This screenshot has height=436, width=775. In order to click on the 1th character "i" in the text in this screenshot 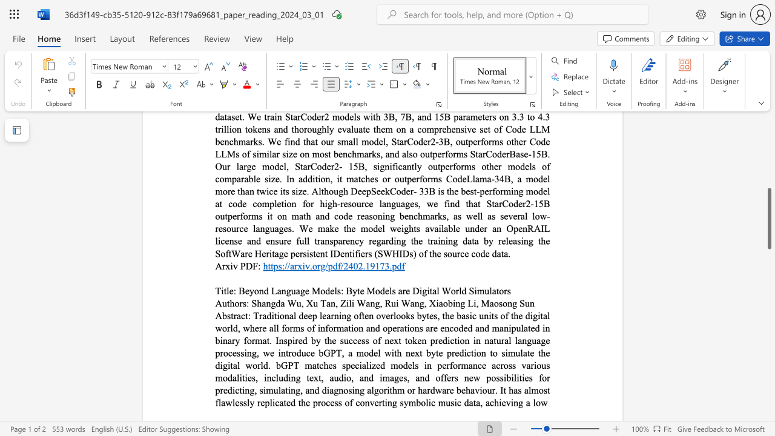, I will do `click(437, 302)`.